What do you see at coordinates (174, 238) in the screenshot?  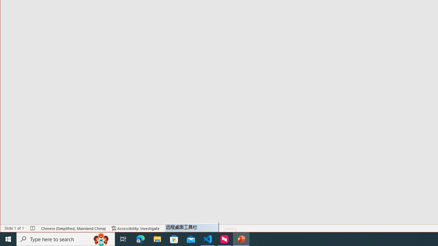 I see `'Microsoft Store'` at bounding box center [174, 238].